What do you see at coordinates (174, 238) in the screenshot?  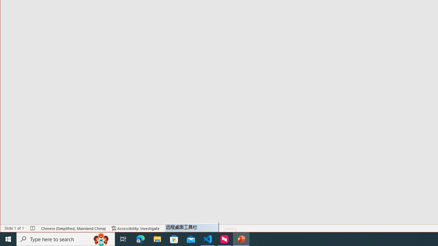 I see `'Microsoft Store'` at bounding box center [174, 238].